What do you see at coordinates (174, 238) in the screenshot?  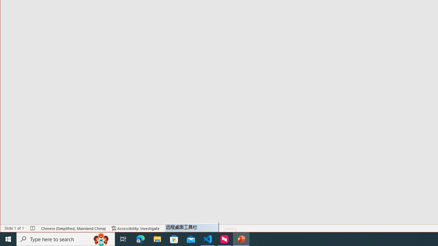 I see `'Microsoft Store'` at bounding box center [174, 238].